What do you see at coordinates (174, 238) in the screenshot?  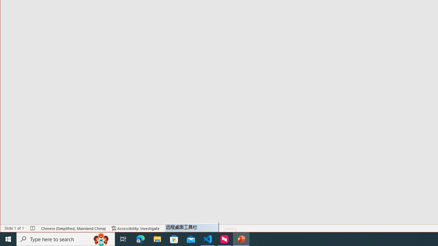 I see `'Microsoft Store'` at bounding box center [174, 238].